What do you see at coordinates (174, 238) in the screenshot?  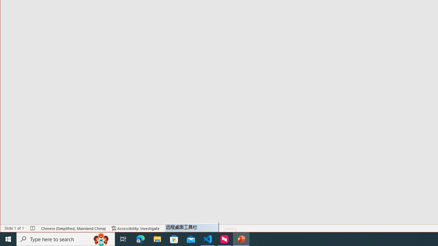 I see `'Microsoft Store'` at bounding box center [174, 238].